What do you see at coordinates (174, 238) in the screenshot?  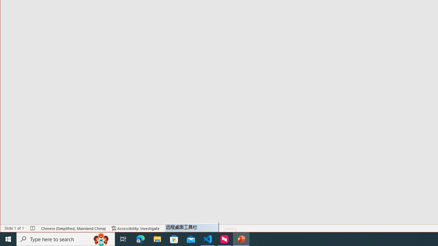 I see `'Microsoft Store'` at bounding box center [174, 238].